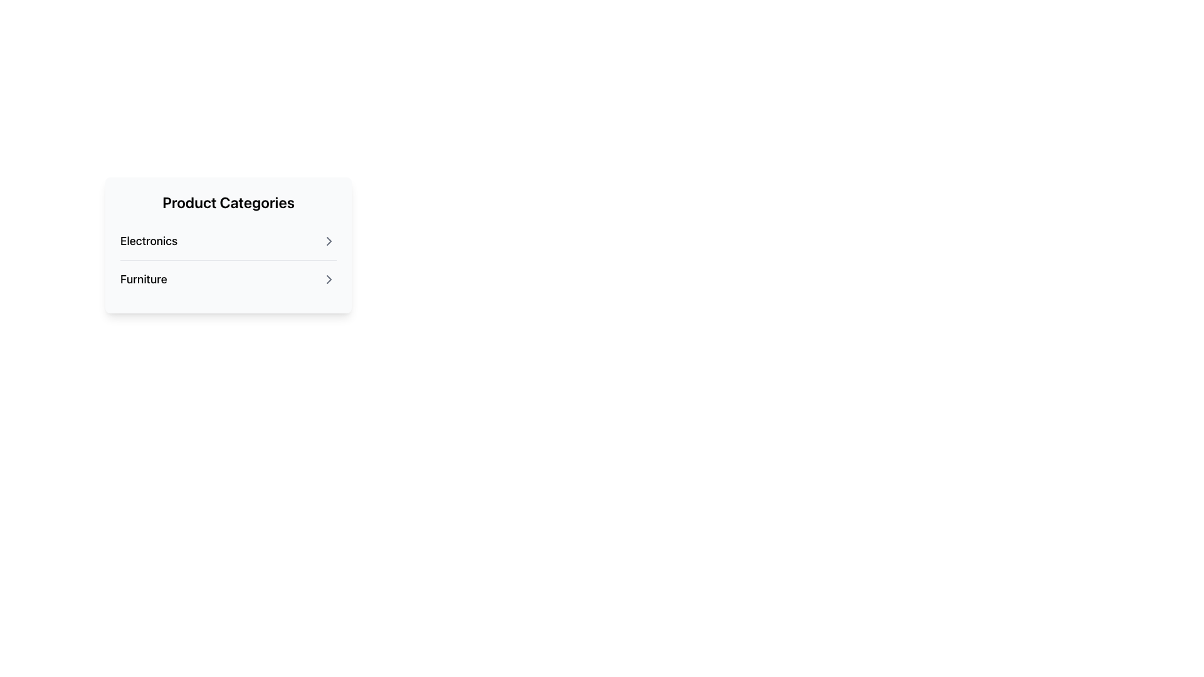  What do you see at coordinates (329, 279) in the screenshot?
I see `the icon button located to the far right of the 'Furniture' text in the 'Product Categories' section` at bounding box center [329, 279].